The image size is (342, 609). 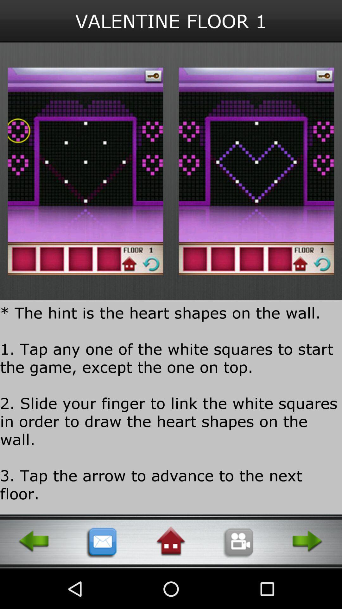 I want to click on the home icon, so click(x=170, y=580).